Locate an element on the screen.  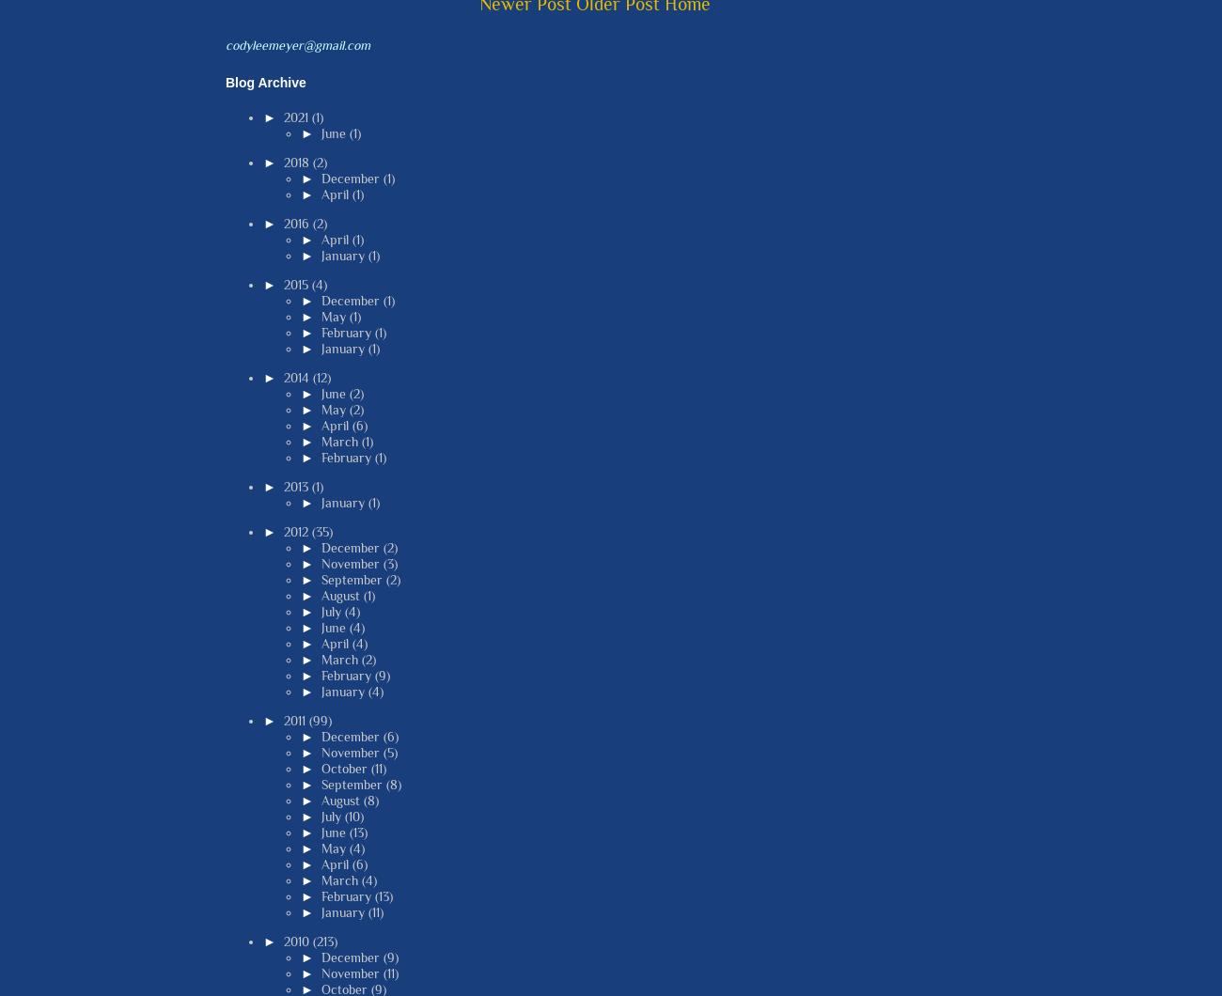
'(5)' is located at coordinates (389, 751).